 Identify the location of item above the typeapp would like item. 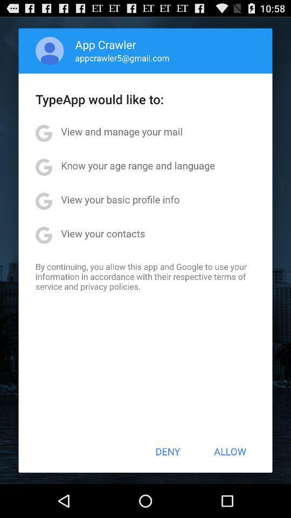
(49, 51).